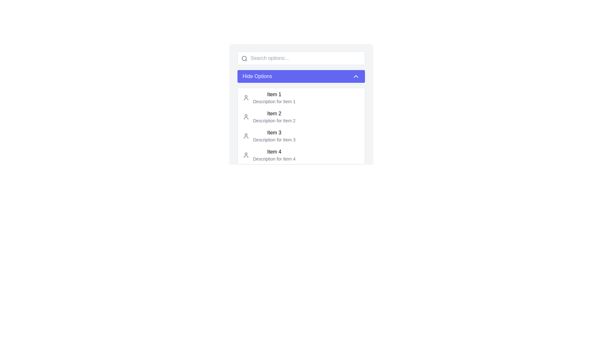  What do you see at coordinates (246, 98) in the screenshot?
I see `the icon representing the categorization of the list item labeled 'Item 1', which is positioned at the top-left of the item within a dropdown interface` at bounding box center [246, 98].